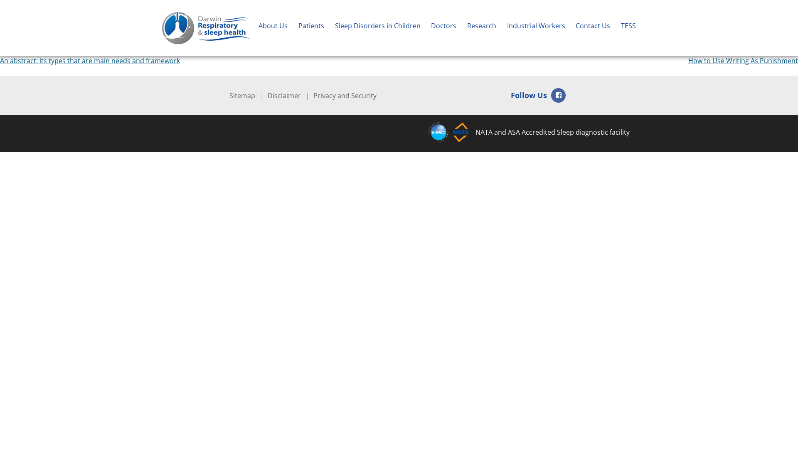  What do you see at coordinates (377, 27) in the screenshot?
I see `'Sleep Disorders in Children'` at bounding box center [377, 27].